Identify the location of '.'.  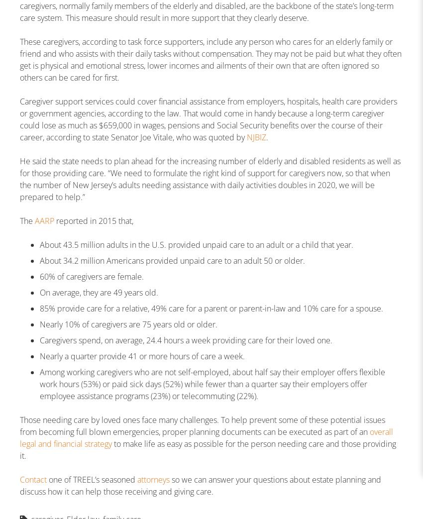
(267, 137).